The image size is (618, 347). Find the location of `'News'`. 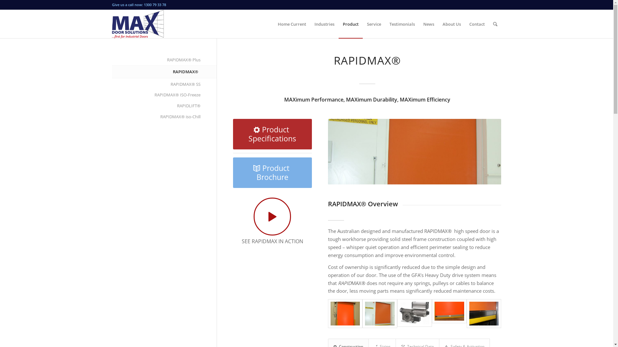

'News' is located at coordinates (428, 23).